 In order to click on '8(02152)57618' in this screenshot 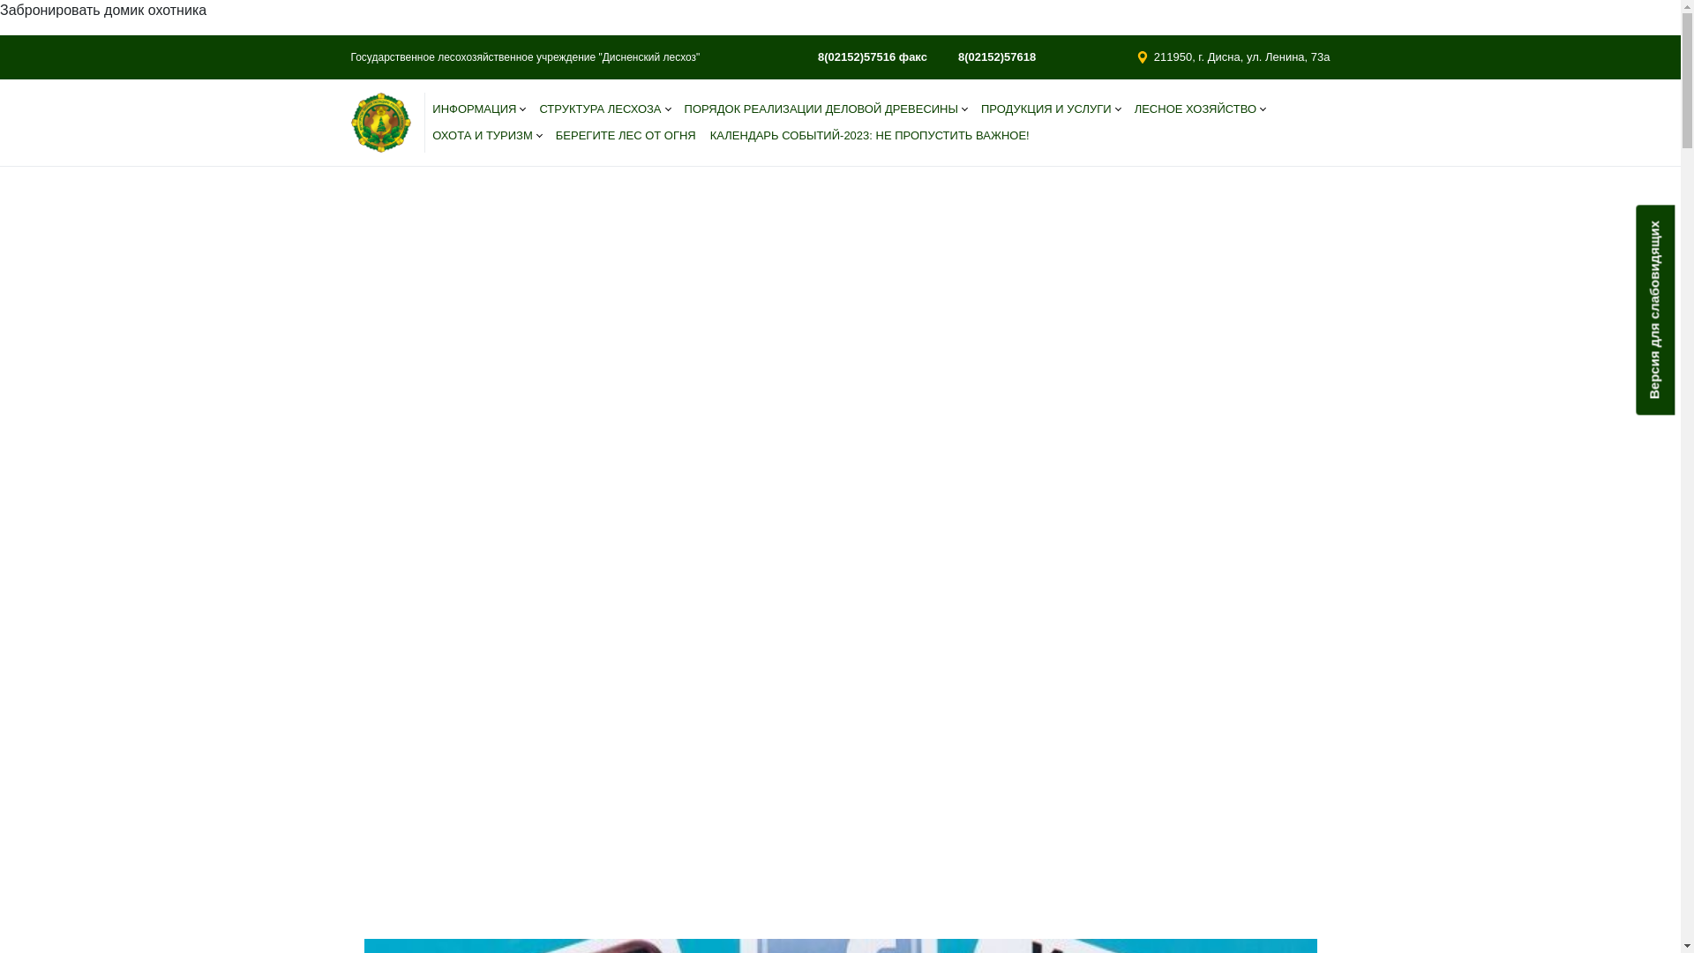, I will do `click(986, 56)`.